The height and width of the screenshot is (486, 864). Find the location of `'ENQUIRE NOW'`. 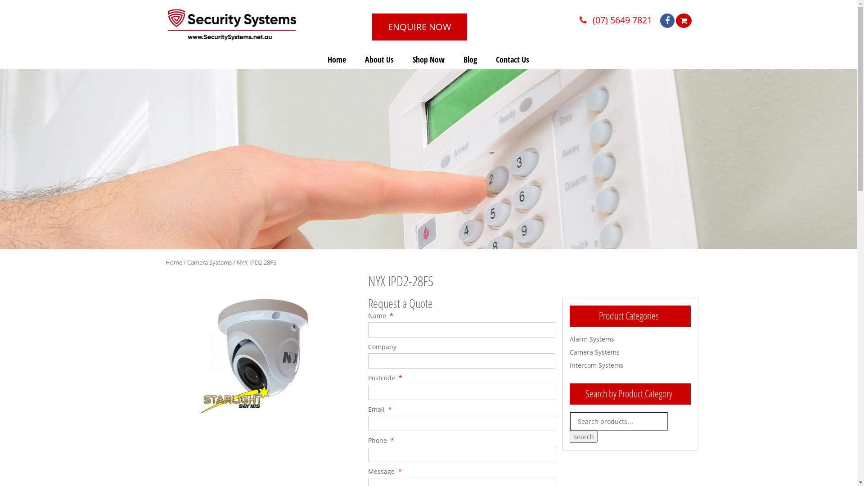

'ENQUIRE NOW' is located at coordinates (419, 27).